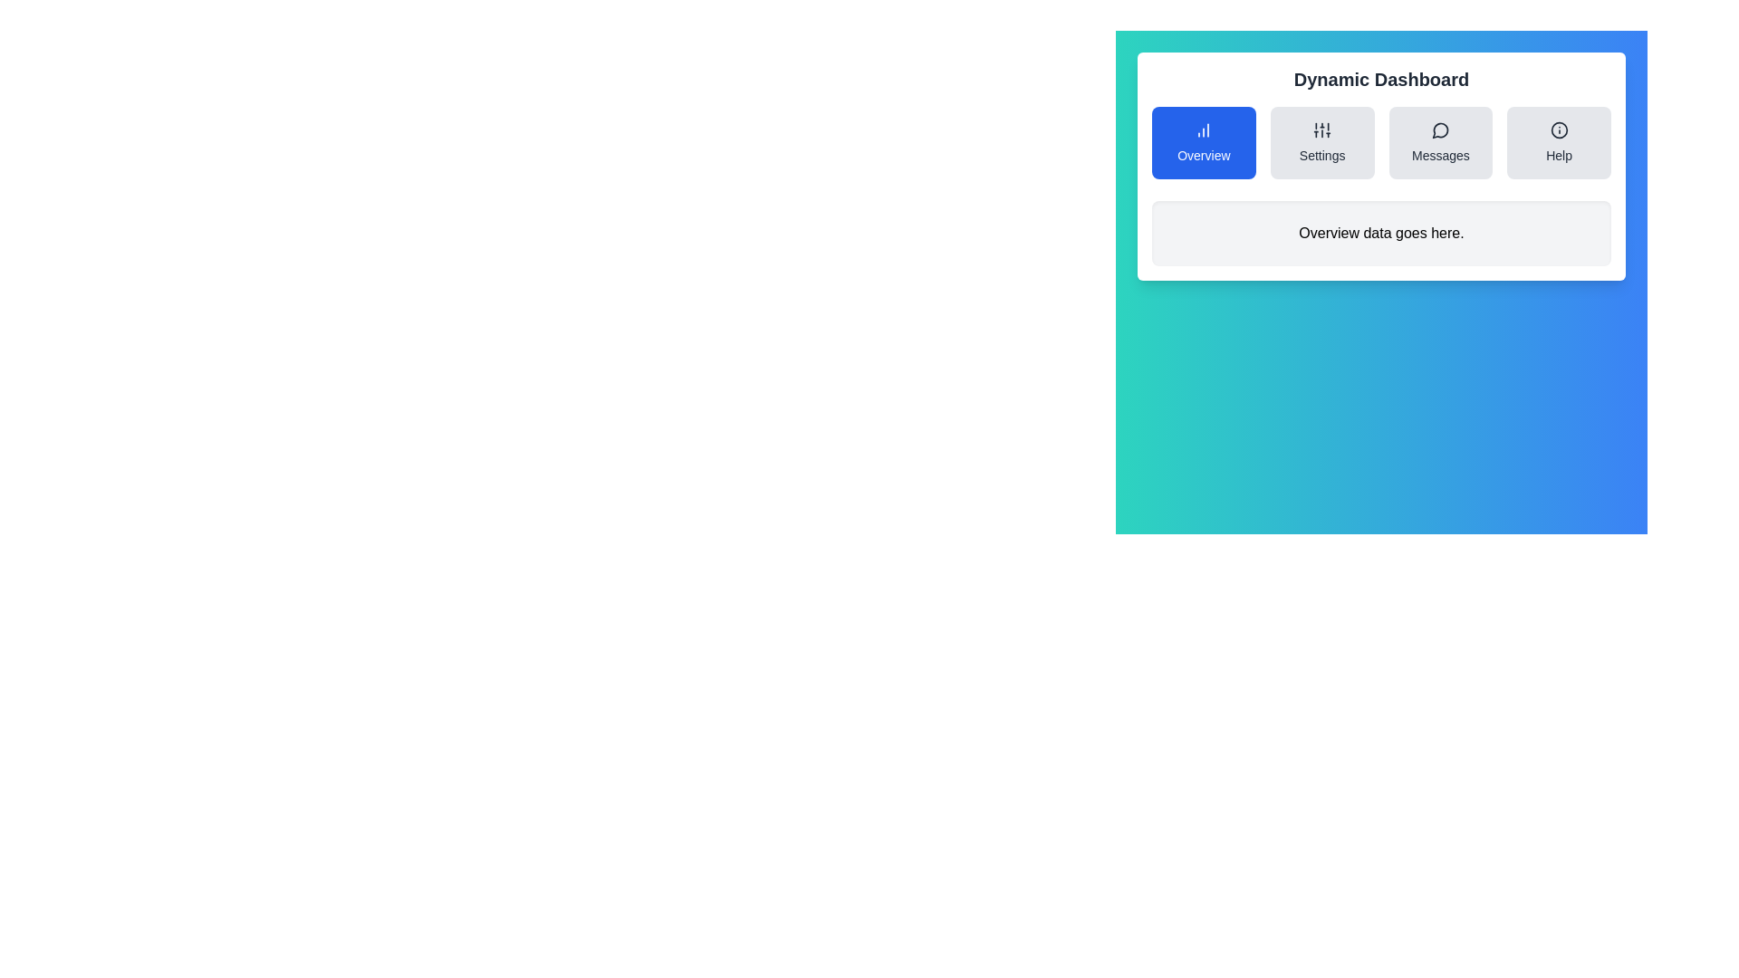  What do you see at coordinates (1321, 142) in the screenshot?
I see `the 'Settings' button, which is a rectangular button with rounded corners, light gray background, and an icon resembling sliders above the text 'Settings'` at bounding box center [1321, 142].